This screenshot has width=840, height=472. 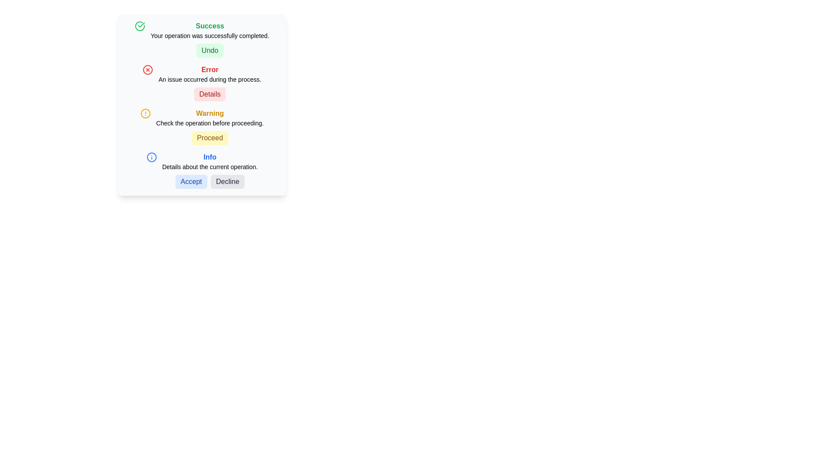 I want to click on the circular success icon located near the top of the interface, slightly to the left of the 'Success' label, so click(x=141, y=24).